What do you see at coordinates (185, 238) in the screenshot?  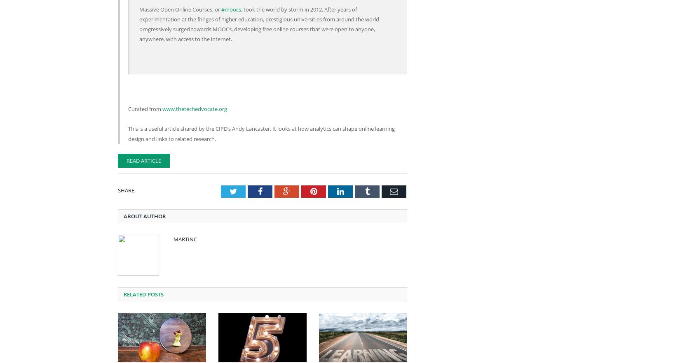 I see `'Martinc'` at bounding box center [185, 238].